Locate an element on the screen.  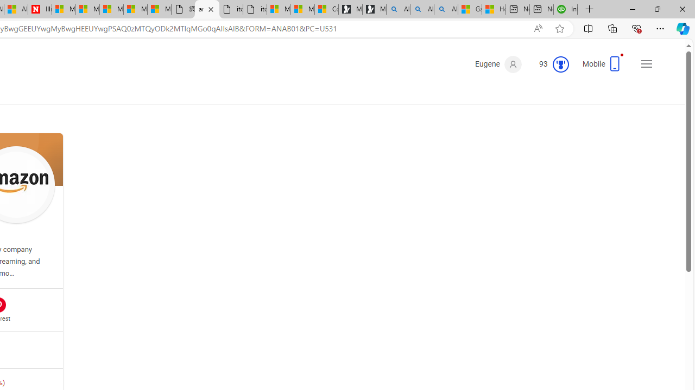
'Microsoft Services Agreement' is located at coordinates (87, 9).